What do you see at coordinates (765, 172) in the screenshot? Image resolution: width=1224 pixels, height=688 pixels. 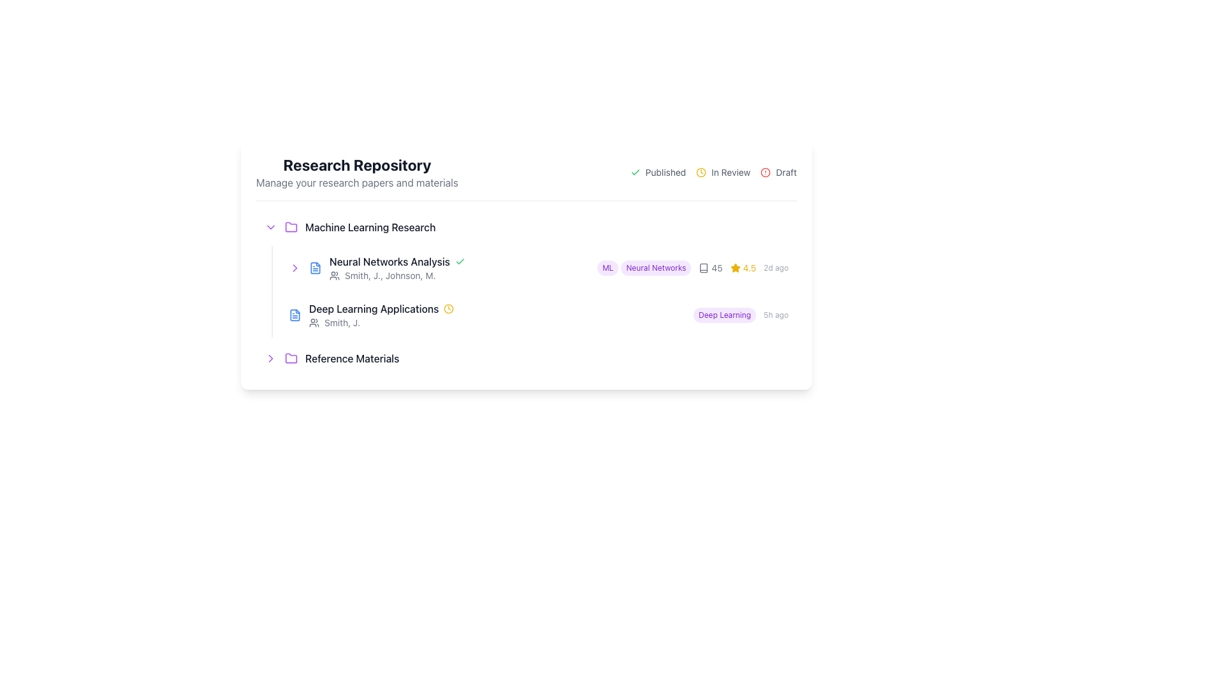 I see `the circular red icon located in the top right corner of the status section, which indicates importance among publication statuses` at bounding box center [765, 172].